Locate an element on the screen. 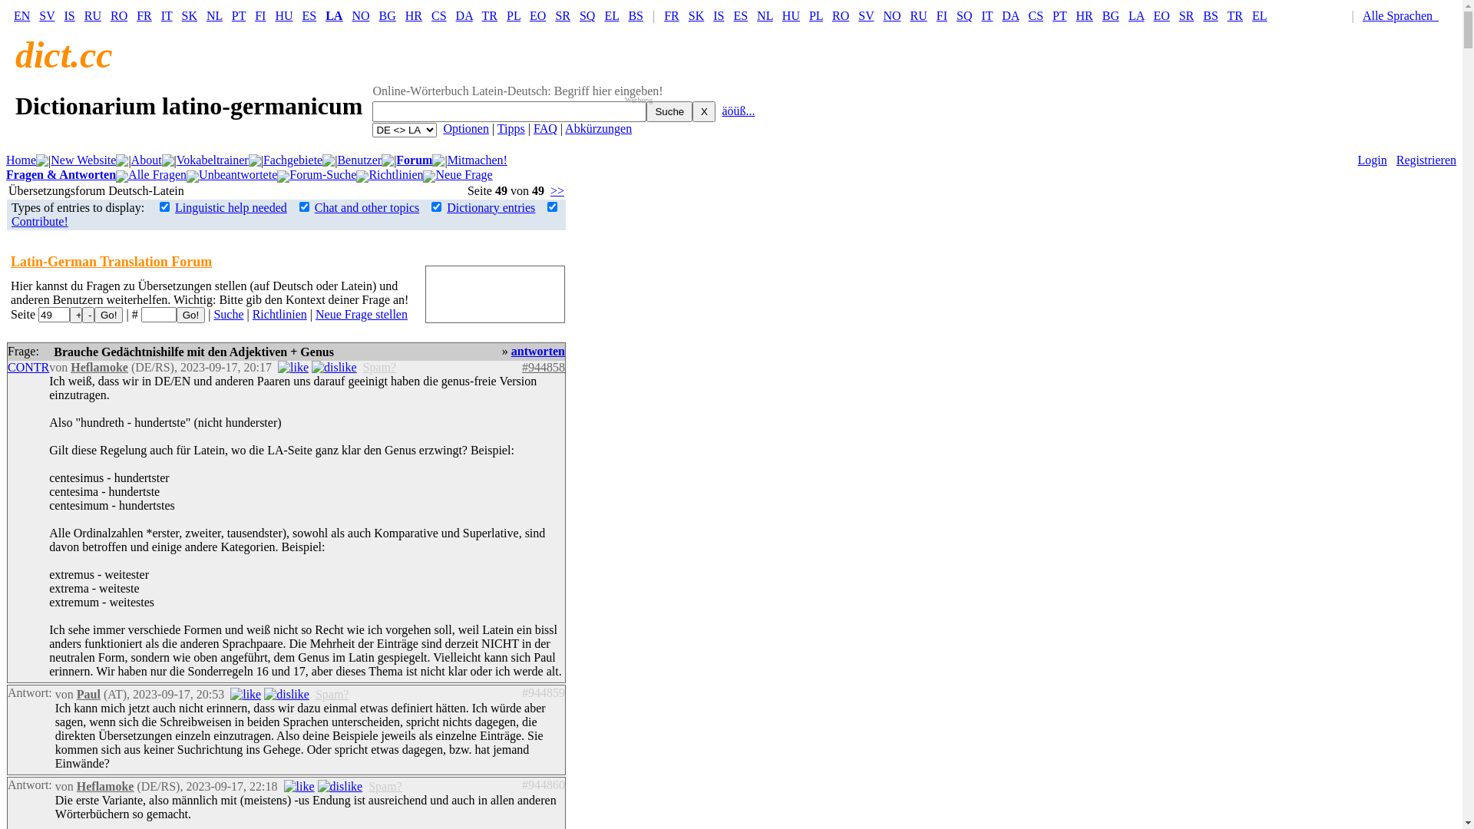  'TR' is located at coordinates (489, 15).